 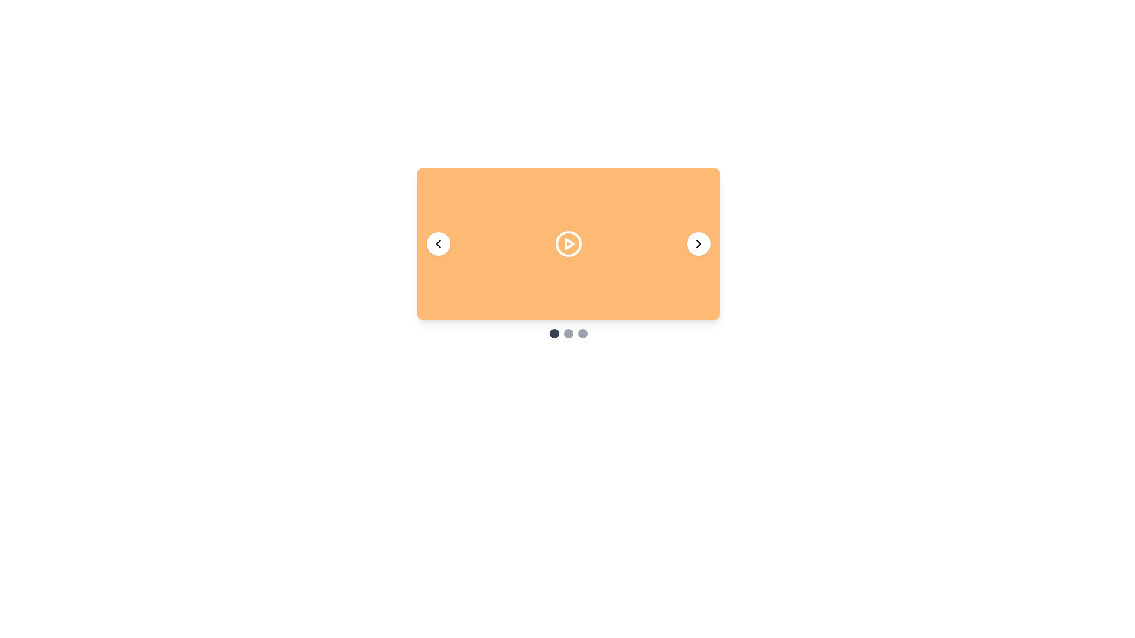 I want to click on the Chevron Left Icon, which is a left-pointing triangular arrow with a thin black stroke on a circular white background, located on the left side of an orange panel, so click(x=438, y=243).